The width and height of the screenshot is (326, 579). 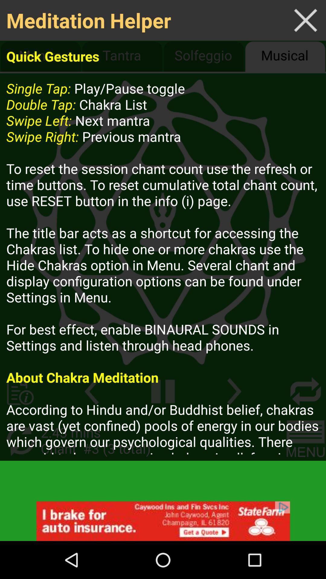 What do you see at coordinates (305, 22) in the screenshot?
I see `the close icon` at bounding box center [305, 22].